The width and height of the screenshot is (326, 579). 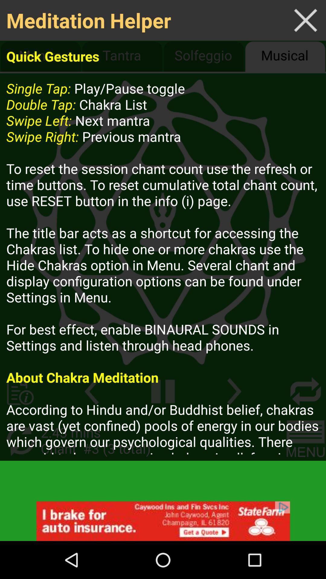 What do you see at coordinates (305, 22) in the screenshot?
I see `the close icon` at bounding box center [305, 22].